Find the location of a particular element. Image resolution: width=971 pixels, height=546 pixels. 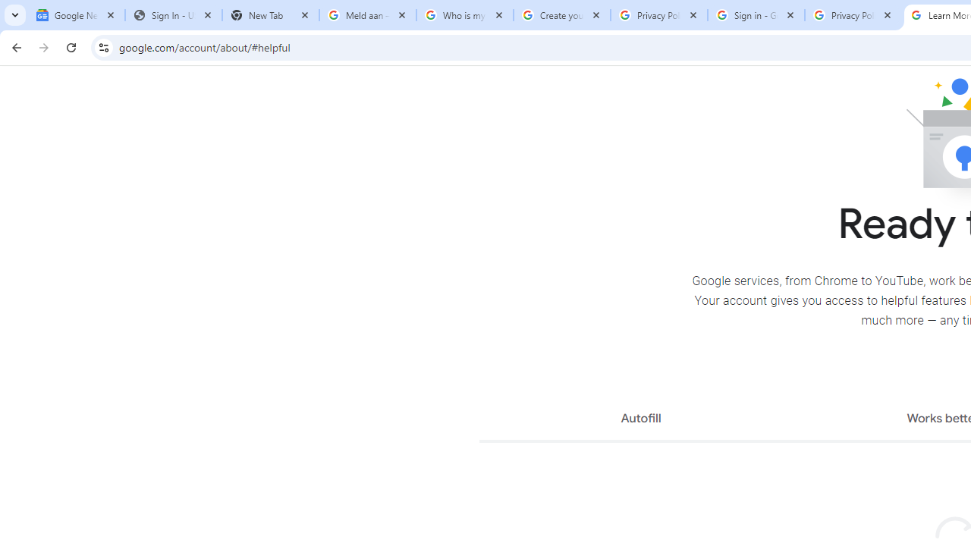

'New Tab' is located at coordinates (271, 15).